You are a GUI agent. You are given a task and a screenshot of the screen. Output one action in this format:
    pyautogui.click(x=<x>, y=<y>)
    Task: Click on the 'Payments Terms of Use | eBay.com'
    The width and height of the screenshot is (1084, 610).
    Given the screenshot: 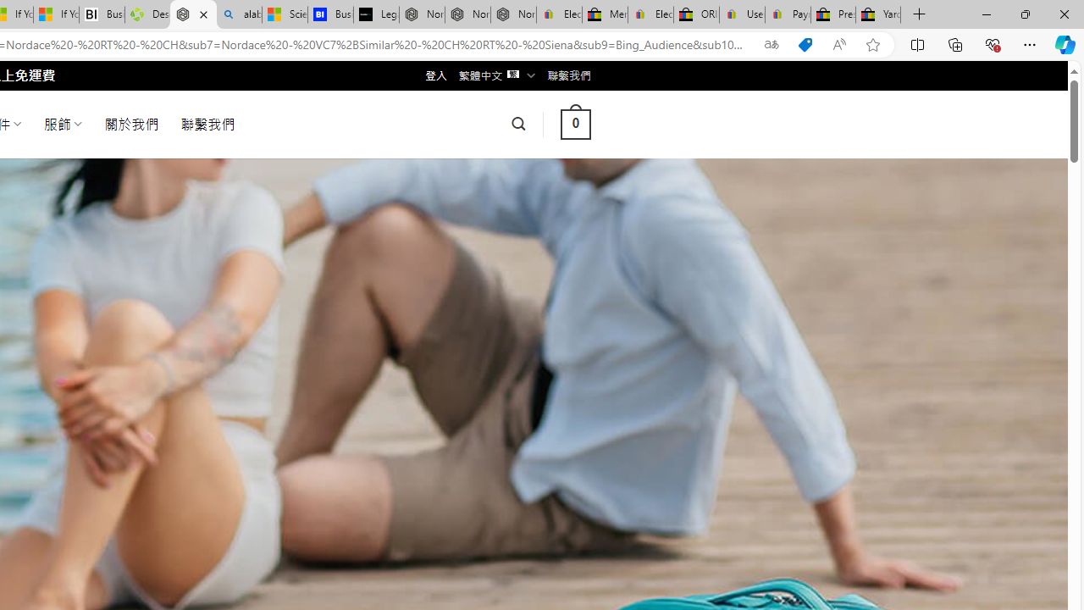 What is the action you would take?
    pyautogui.click(x=787, y=14)
    